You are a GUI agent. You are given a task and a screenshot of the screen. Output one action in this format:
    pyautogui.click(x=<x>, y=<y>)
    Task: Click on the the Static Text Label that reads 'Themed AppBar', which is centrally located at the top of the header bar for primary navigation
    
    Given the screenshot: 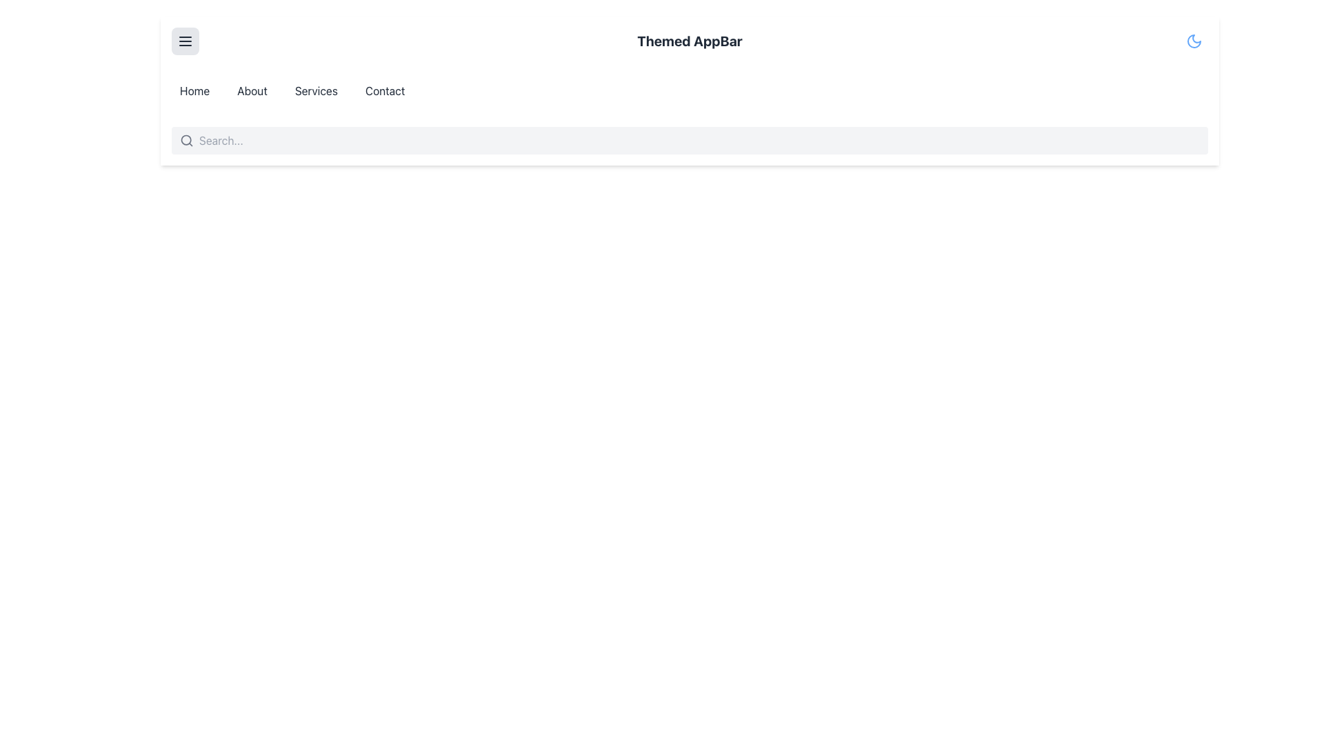 What is the action you would take?
    pyautogui.click(x=690, y=41)
    